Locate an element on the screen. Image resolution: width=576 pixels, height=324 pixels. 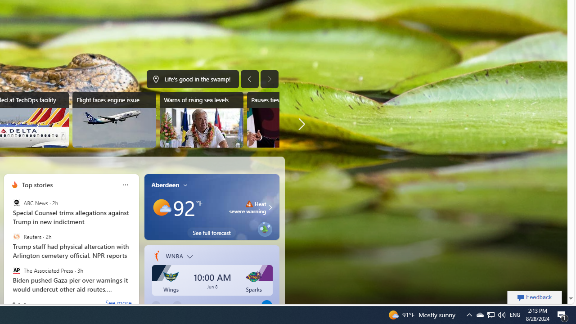
'Grow a virtual seed into a real tree' is located at coordinates (264, 227).